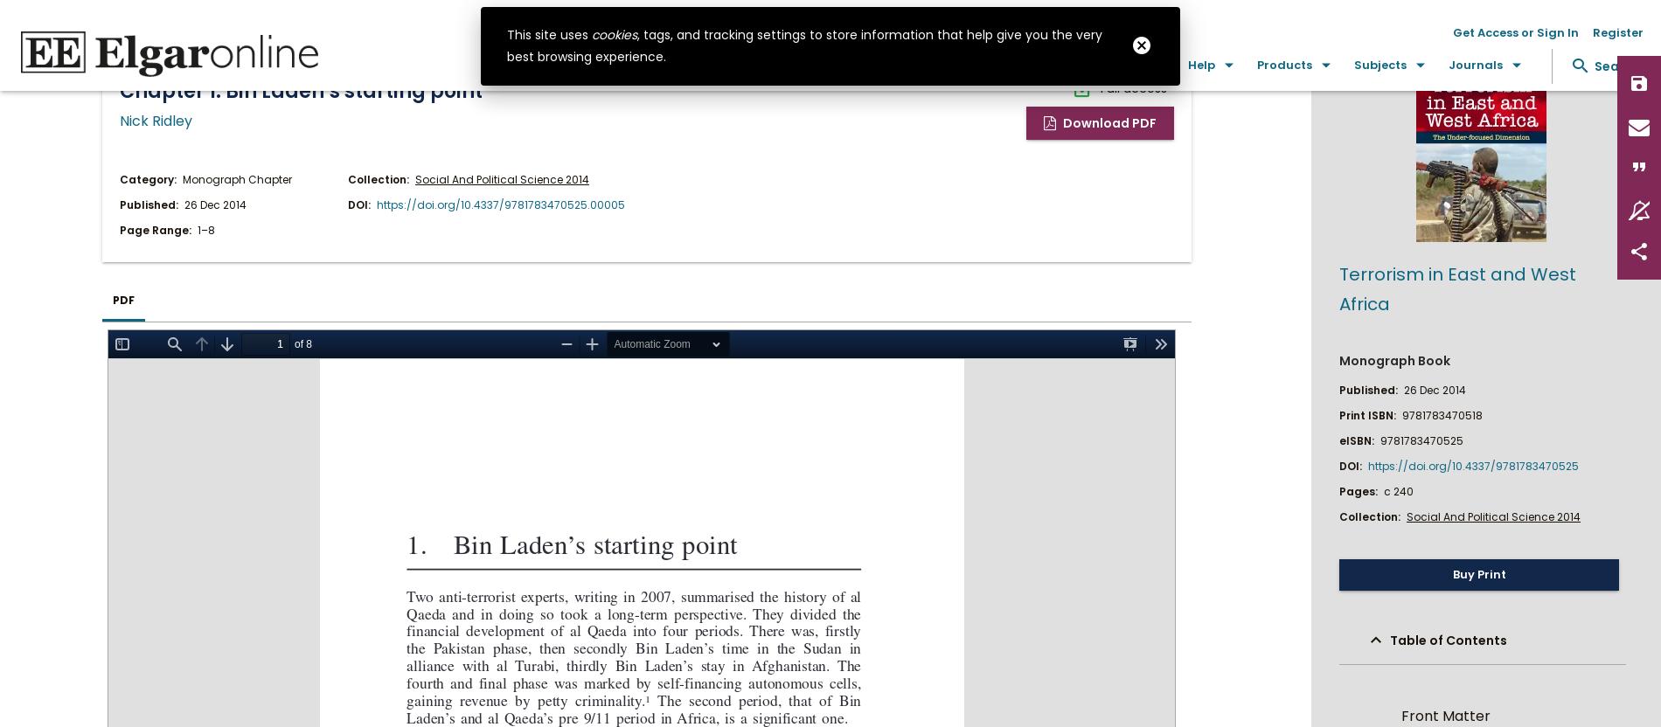 The height and width of the screenshot is (727, 1661). I want to click on 'PDF', so click(123, 299).